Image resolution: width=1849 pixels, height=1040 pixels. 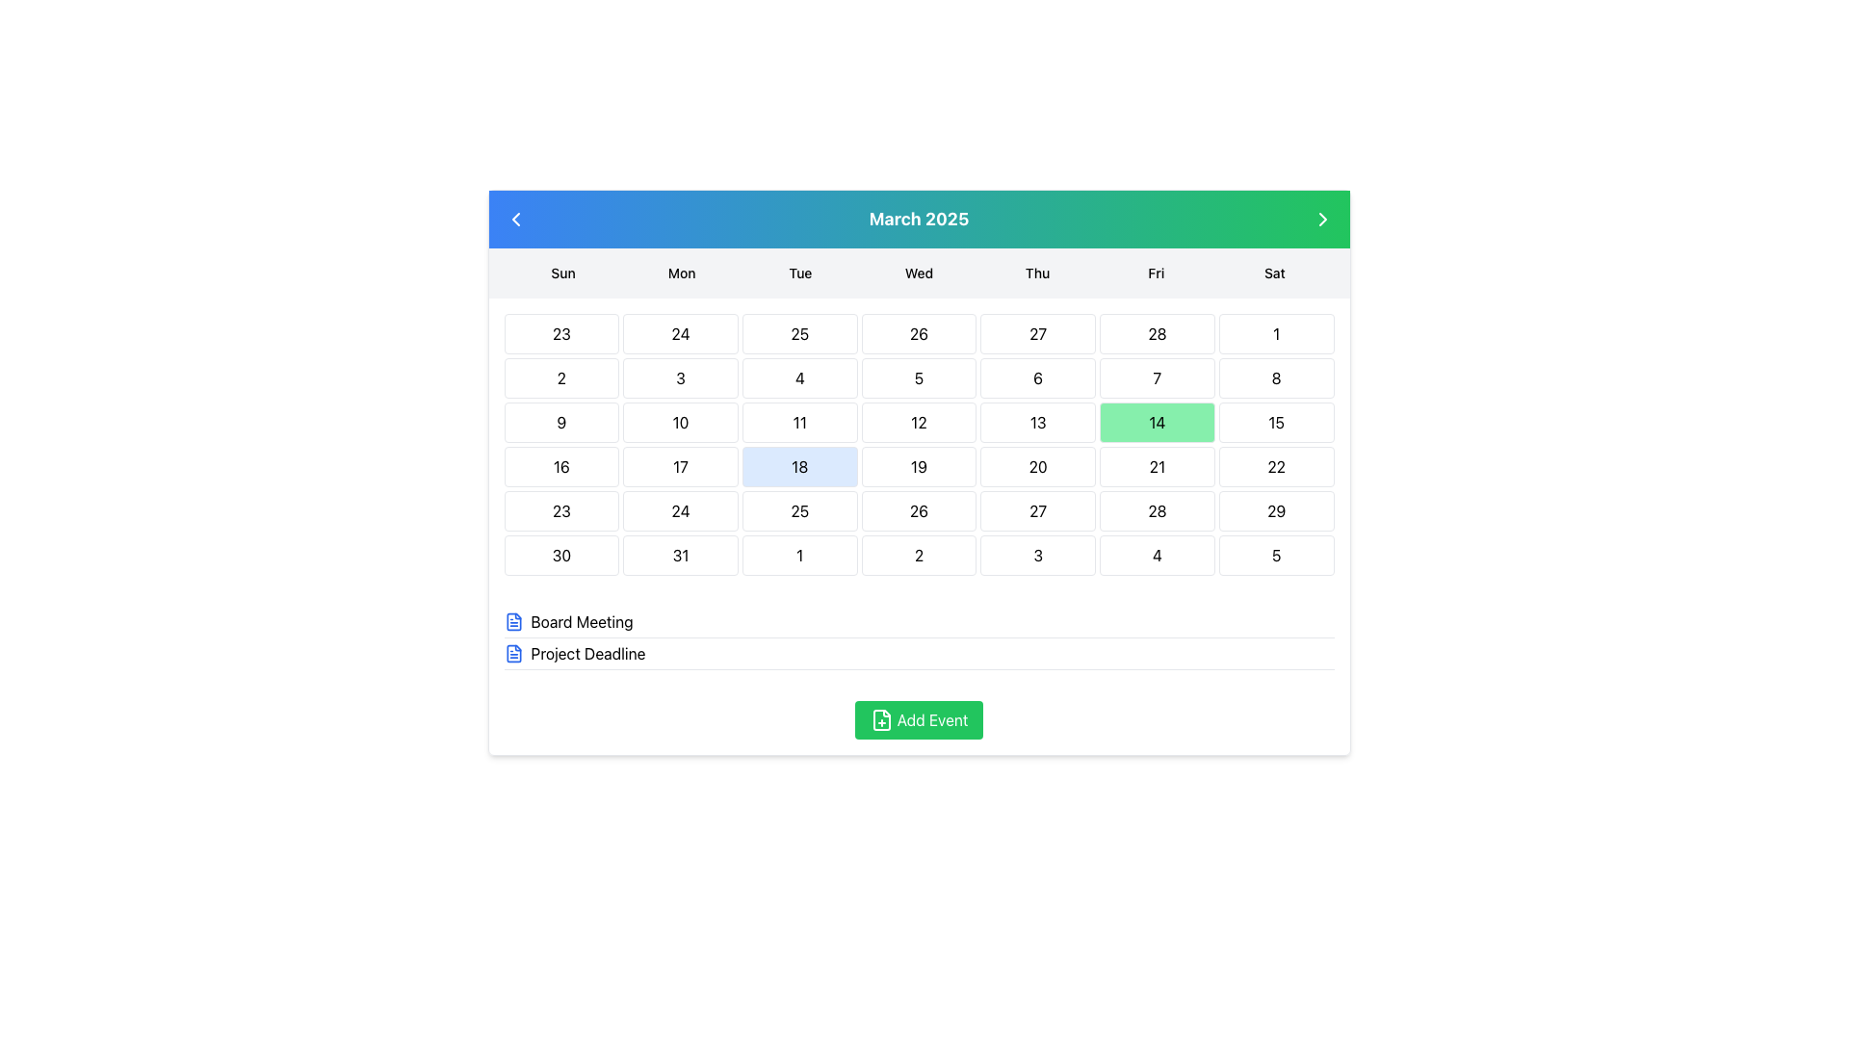 I want to click on from the calendar cell containing '24', so click(x=681, y=333).